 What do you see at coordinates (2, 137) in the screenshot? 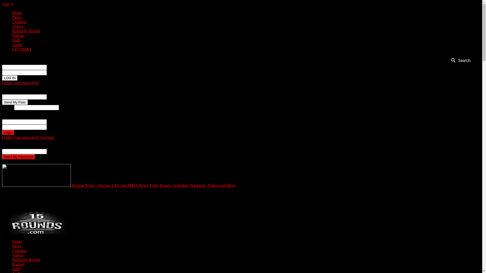
I see `'Forgot your password? Get help'` at bounding box center [2, 137].